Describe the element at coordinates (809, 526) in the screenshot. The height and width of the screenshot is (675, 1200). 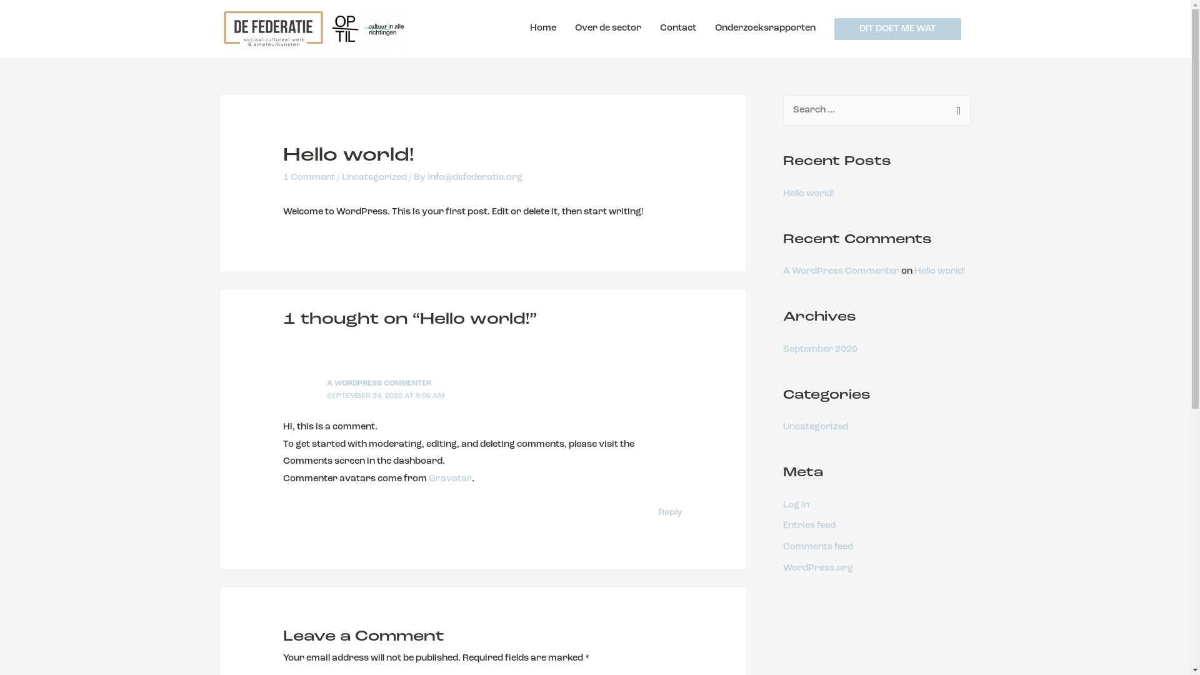
I see `'Entries feed'` at that location.